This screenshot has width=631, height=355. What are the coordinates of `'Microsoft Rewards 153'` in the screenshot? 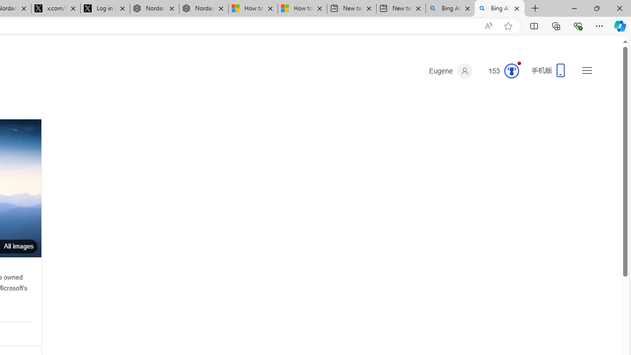 It's located at (500, 71).